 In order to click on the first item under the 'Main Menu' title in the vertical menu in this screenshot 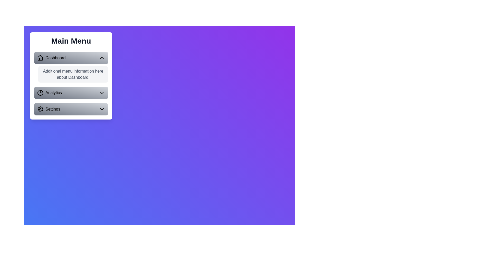, I will do `click(51, 58)`.